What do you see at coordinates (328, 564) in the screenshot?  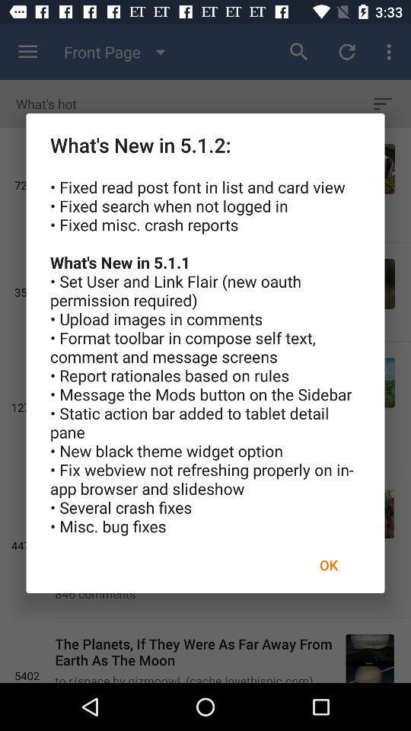 I see `ok at the bottom right corner` at bounding box center [328, 564].